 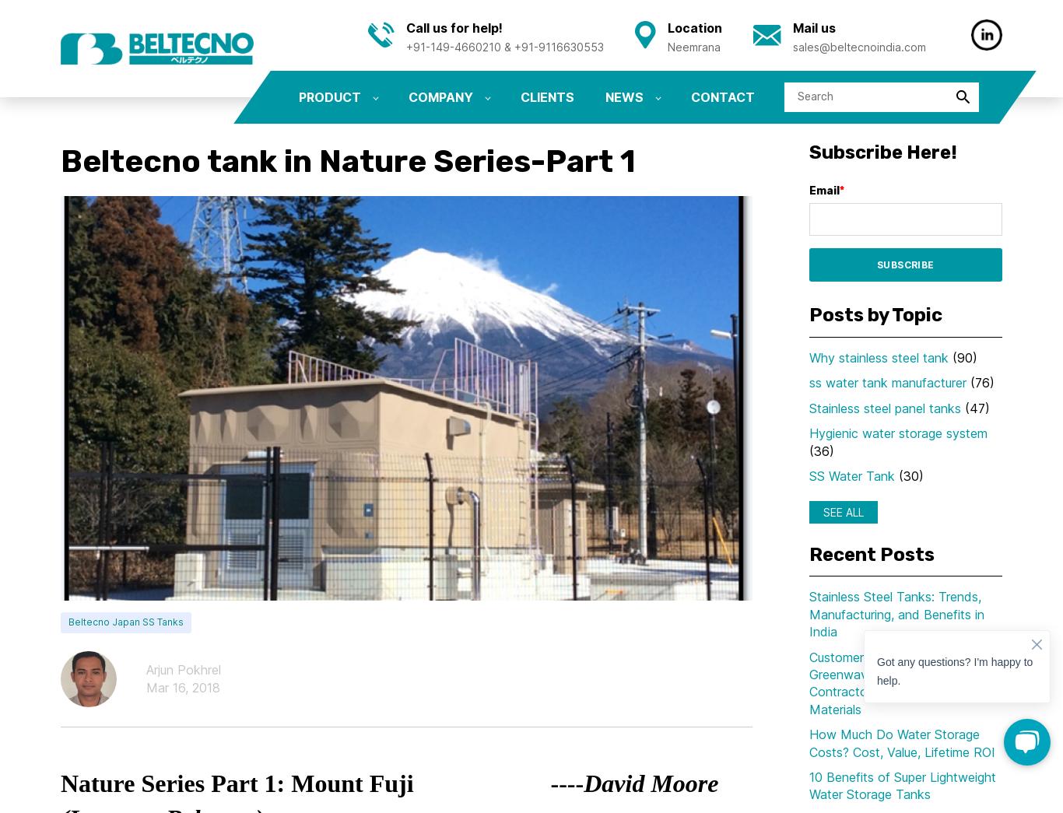 I want to click on 'Customer Testimonial – Greenwave Engineering Pvt. Ltd. Contractor for Construction Materials', so click(x=903, y=682).